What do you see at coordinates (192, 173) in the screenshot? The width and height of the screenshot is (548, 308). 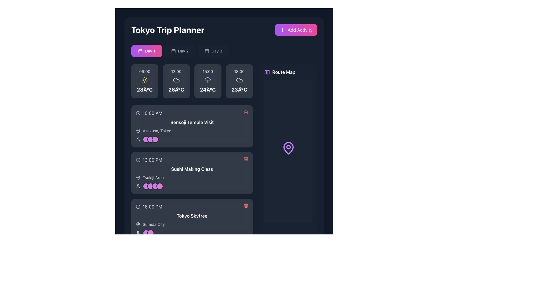 I see `the second Card element in the trip planner that displays activity information, located between the '10:00 AM Sensoji Temple Visit' and '16:00 PM Tokyo Skytree' cards` at bounding box center [192, 173].